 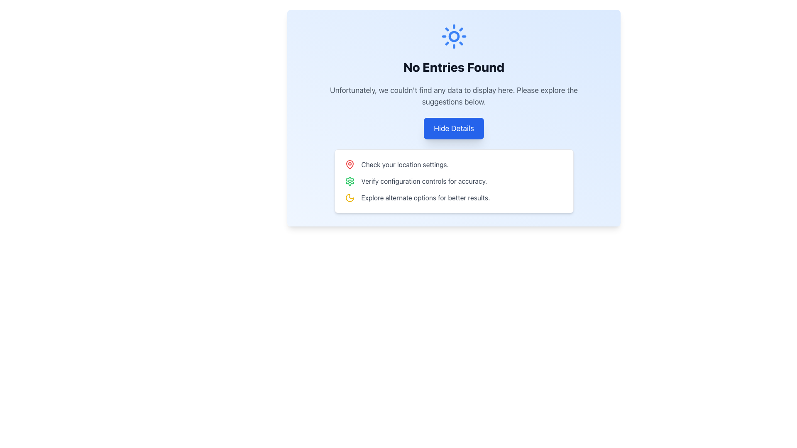 What do you see at coordinates (424, 180) in the screenshot?
I see `informative text label located within a rectangular card, which guides users to verify configuration controls for accuracy. This label is the second item in the list of suggestions` at bounding box center [424, 180].